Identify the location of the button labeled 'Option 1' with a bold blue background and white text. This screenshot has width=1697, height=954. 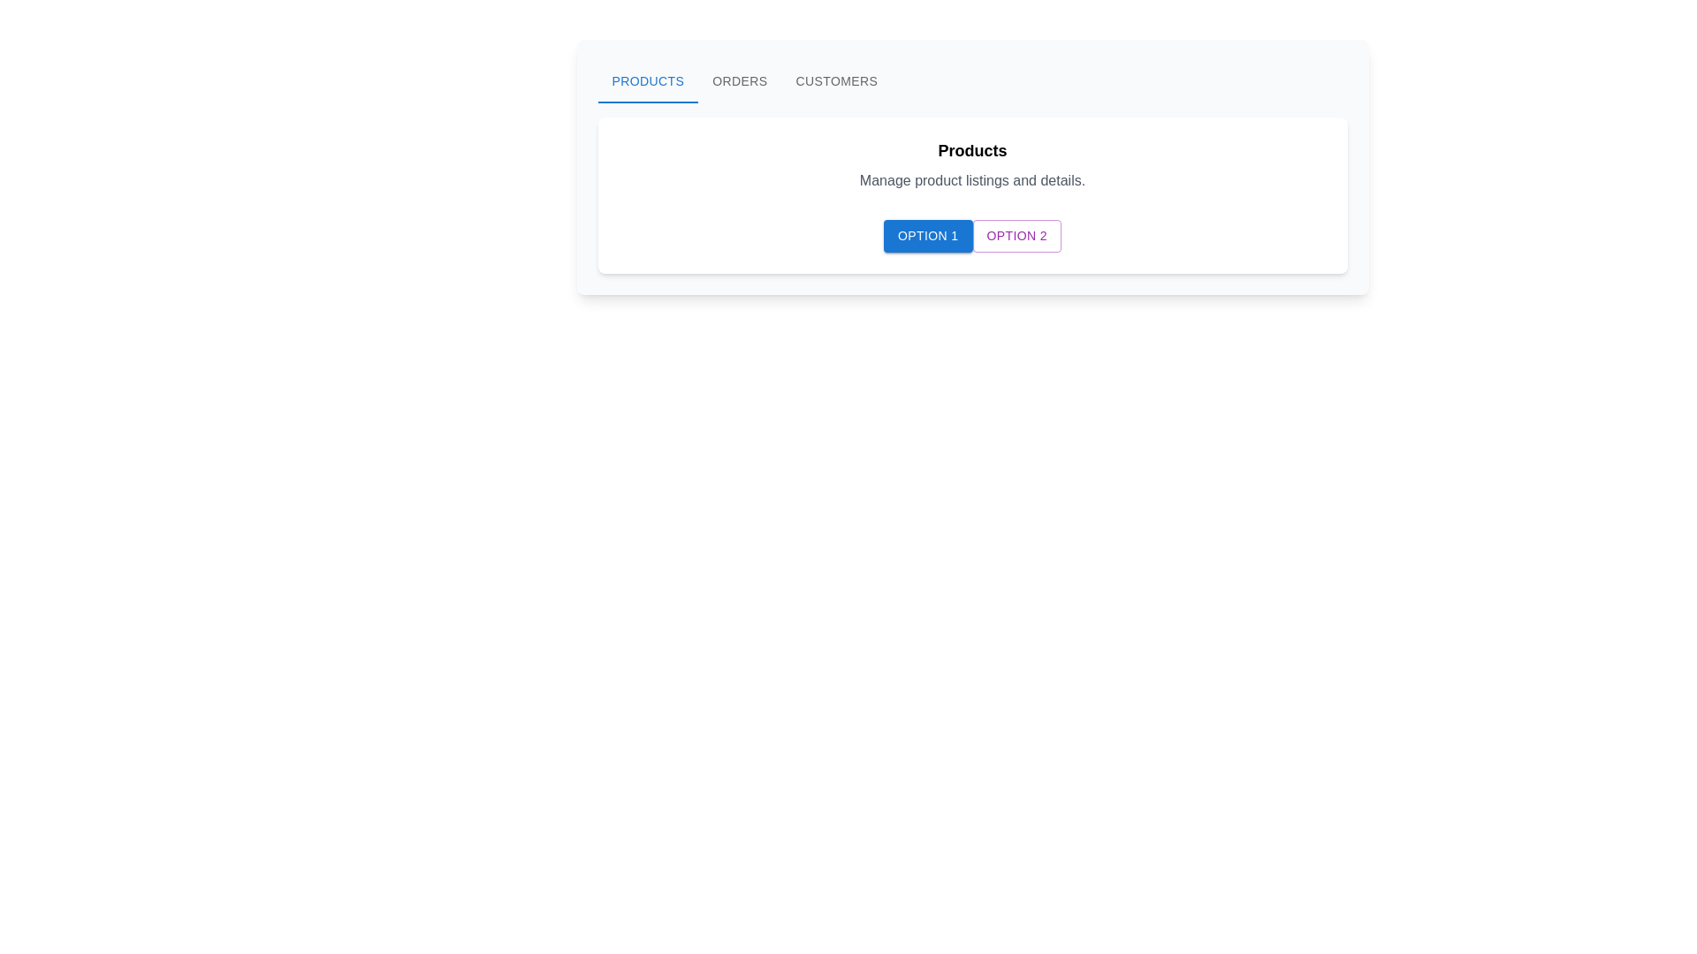
(927, 235).